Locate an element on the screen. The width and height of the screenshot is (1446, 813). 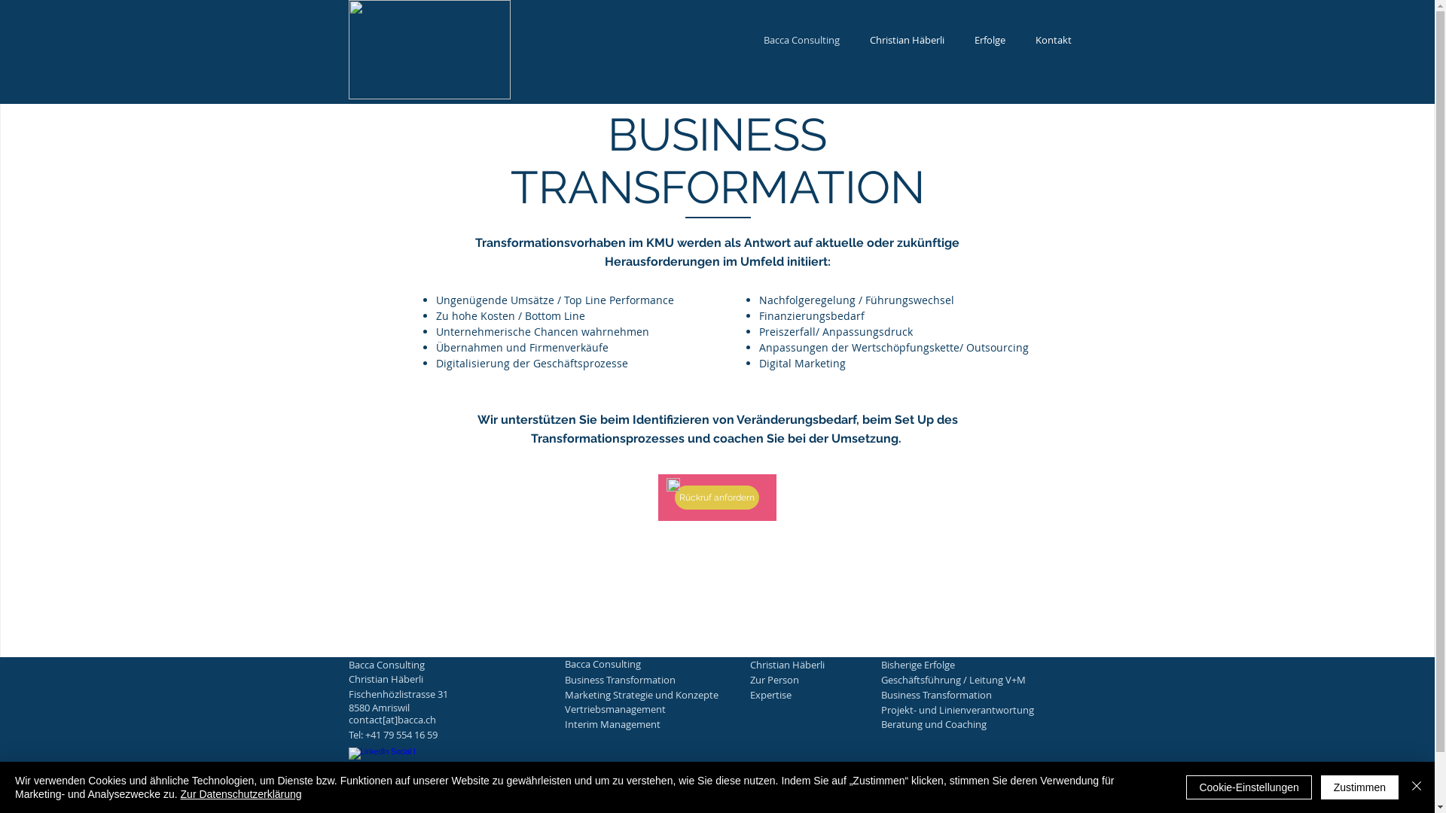
'contact[at]bacca.ch' is located at coordinates (425, 719).